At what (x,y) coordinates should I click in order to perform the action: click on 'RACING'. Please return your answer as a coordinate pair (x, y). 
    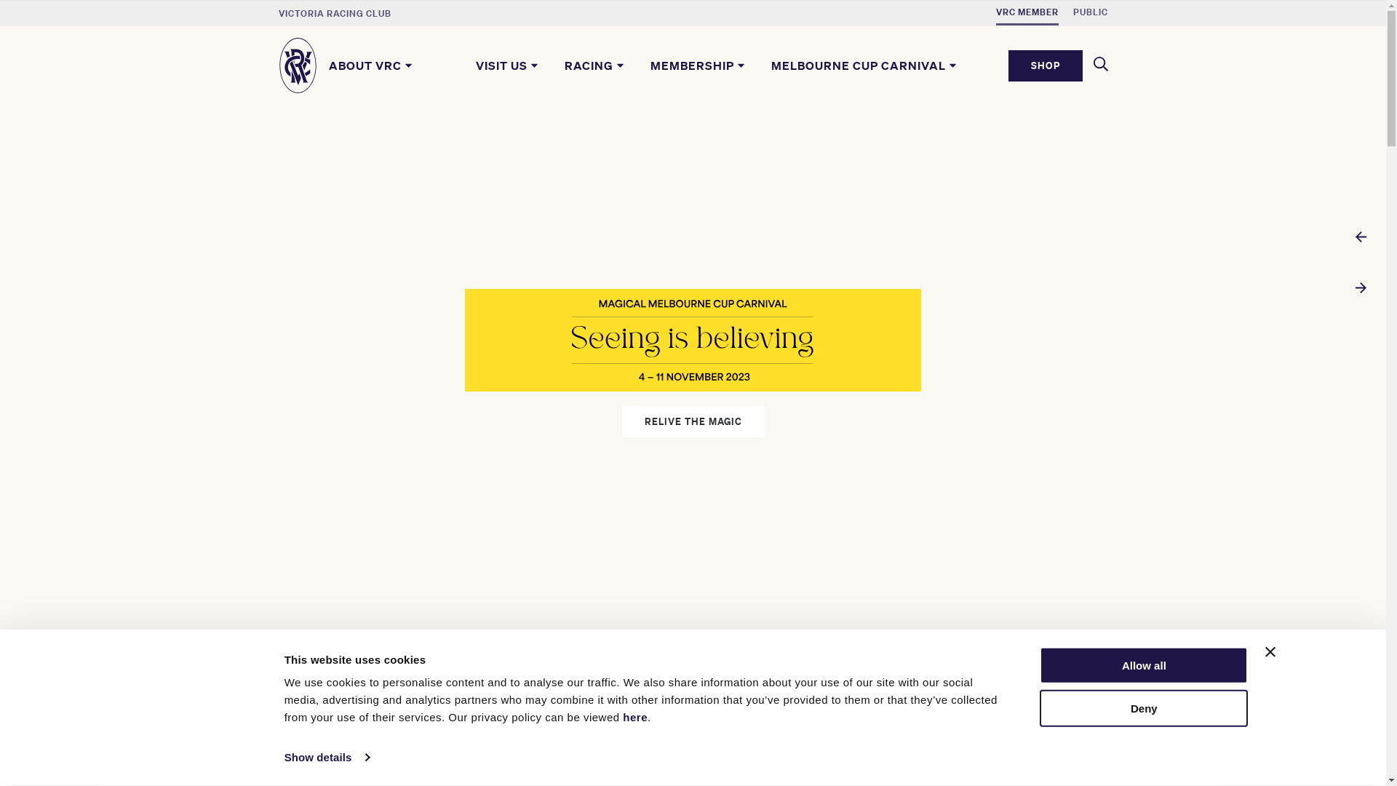
    Looking at the image, I should click on (596, 64).